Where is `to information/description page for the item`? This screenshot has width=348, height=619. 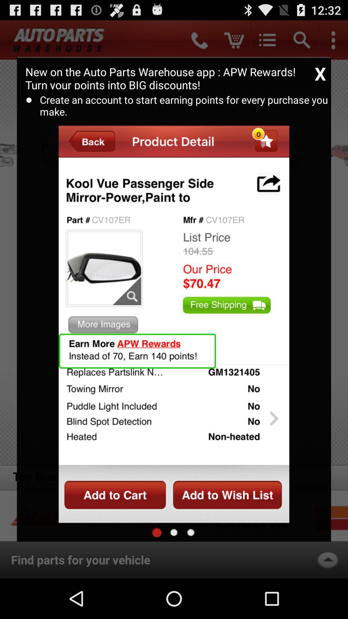 to information/description page for the item is located at coordinates (190, 532).